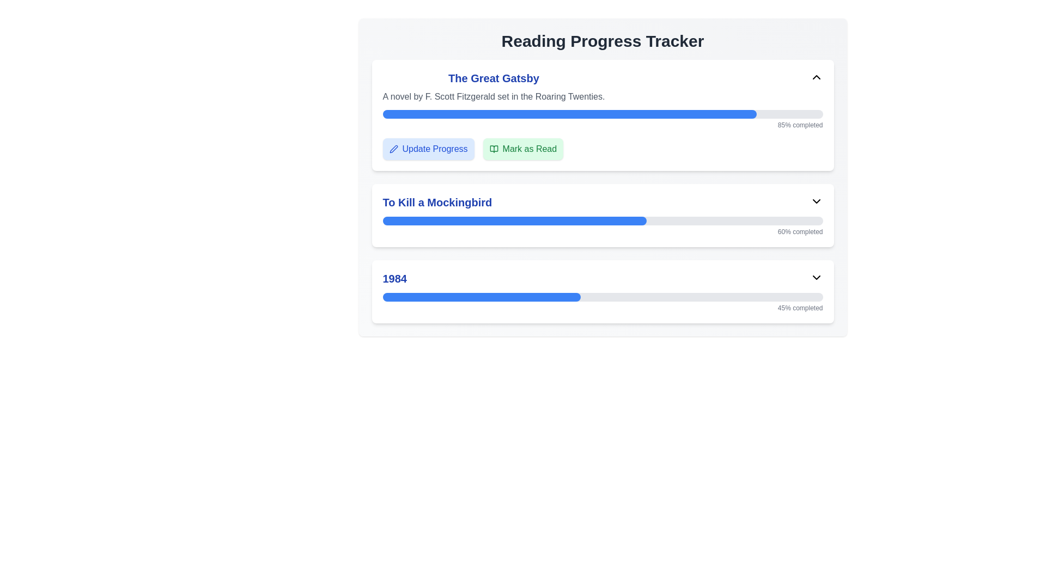  Describe the element at coordinates (393, 149) in the screenshot. I see `the pen icon located on the left side of the 'Update Progress' button, which is styled in blue with rounded corners, near the top of the 'The Great Gatsby' section` at that location.